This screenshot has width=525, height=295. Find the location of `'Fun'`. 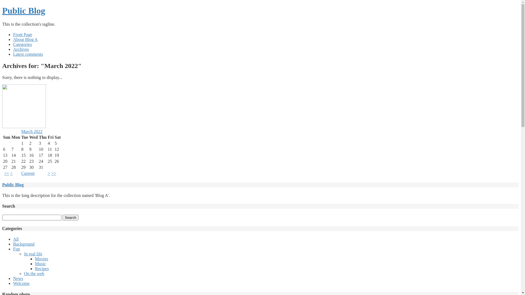

'Fun' is located at coordinates (16, 249).